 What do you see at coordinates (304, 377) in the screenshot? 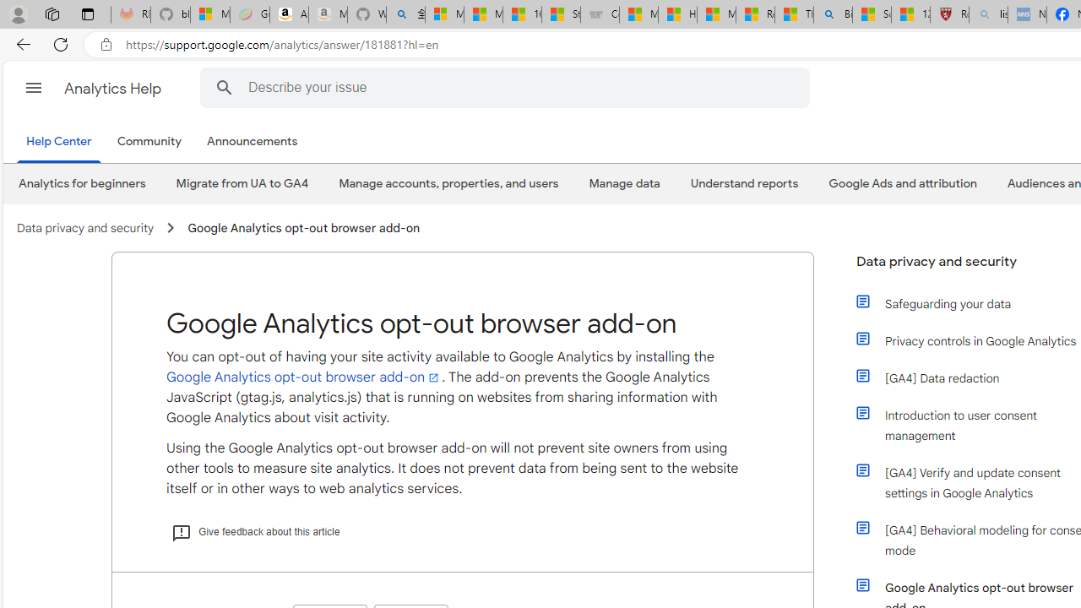
I see `'Google Analytics opt-out browser add-on'` at bounding box center [304, 377].